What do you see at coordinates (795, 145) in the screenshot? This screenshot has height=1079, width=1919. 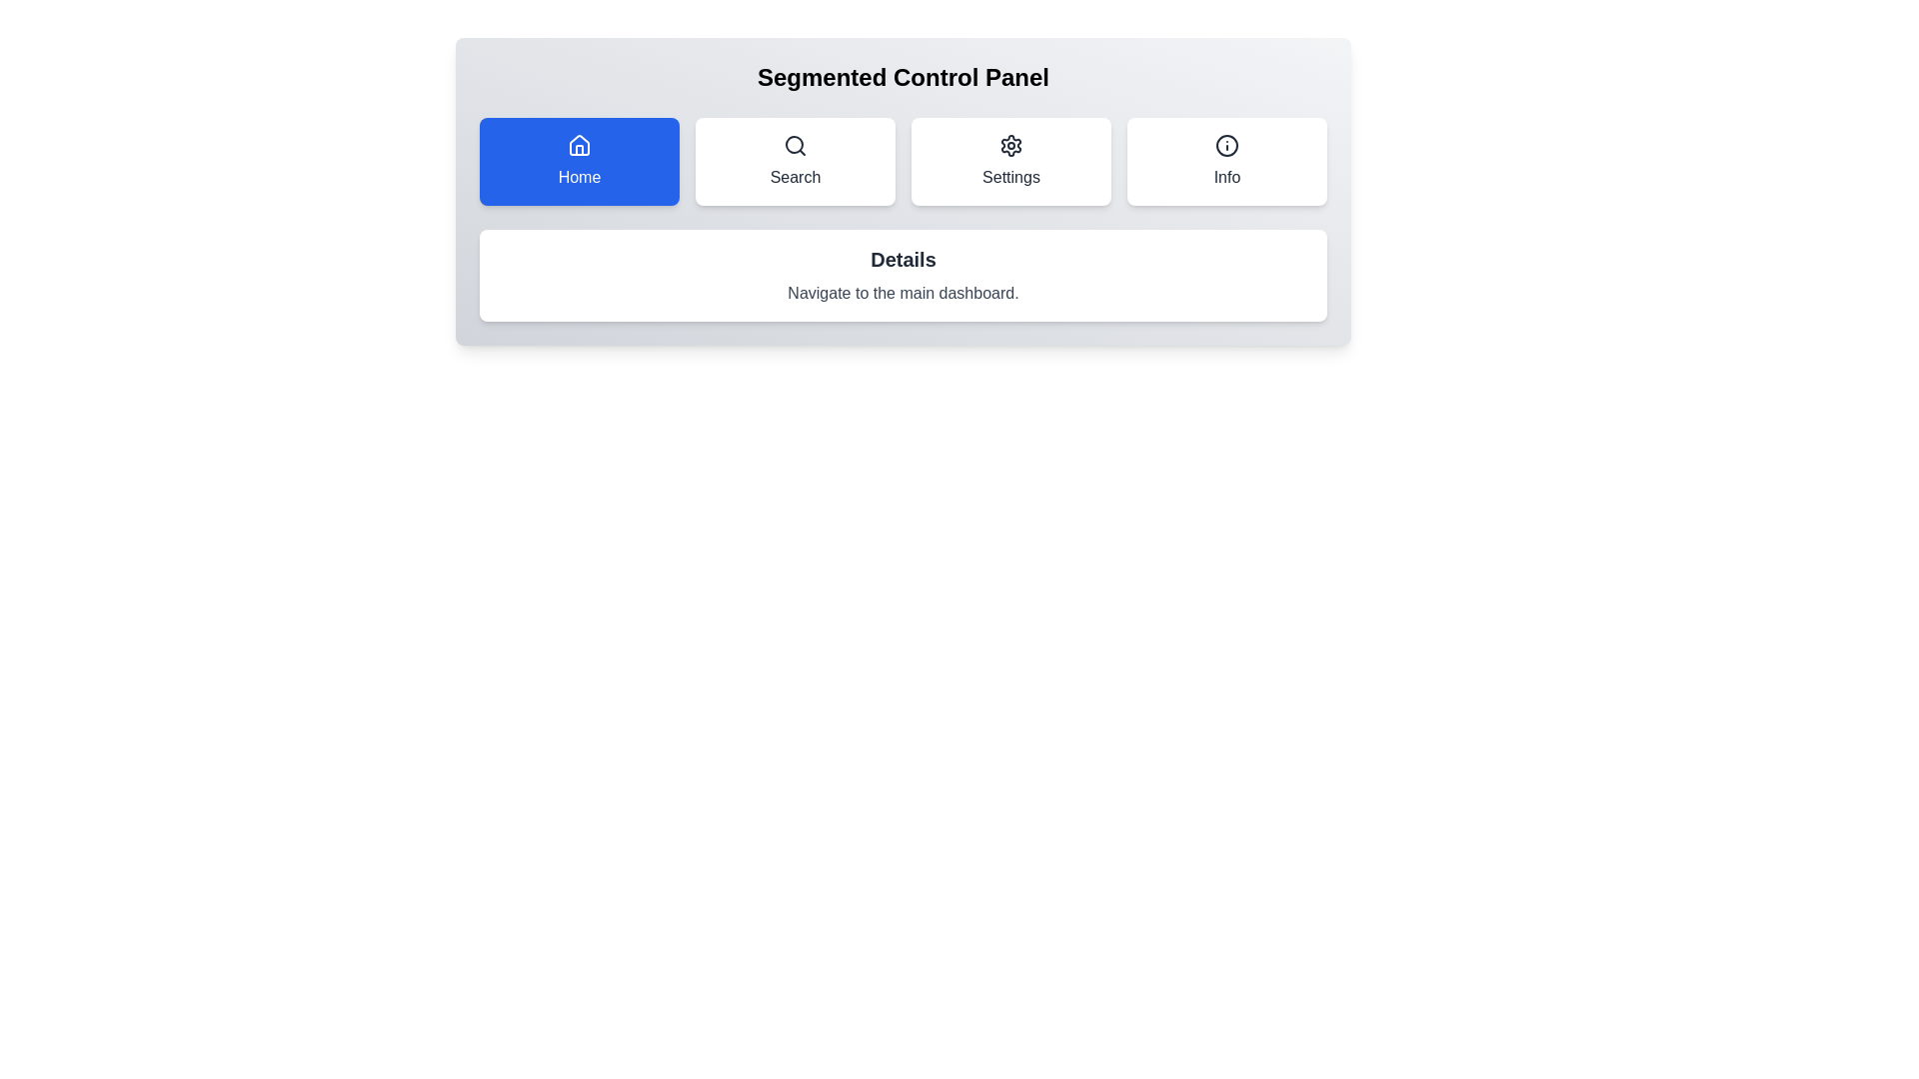 I see `the magnifying glass icon located at the center top of the 'Search' button` at bounding box center [795, 145].